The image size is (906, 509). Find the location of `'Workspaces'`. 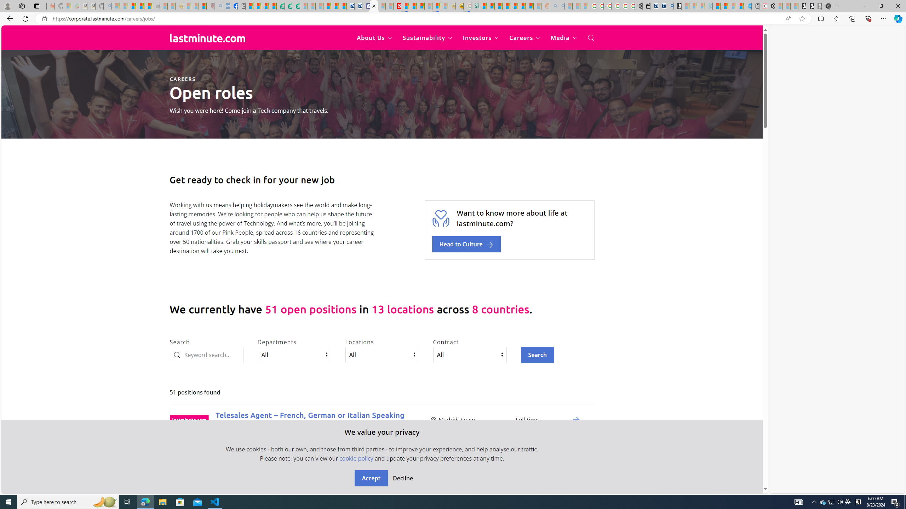

'Workspaces' is located at coordinates (22, 6).